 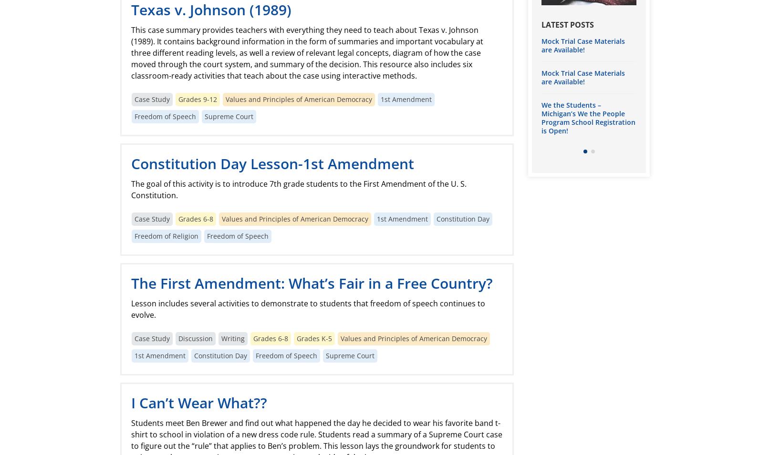 What do you see at coordinates (197, 99) in the screenshot?
I see `'Grades 9-12'` at bounding box center [197, 99].